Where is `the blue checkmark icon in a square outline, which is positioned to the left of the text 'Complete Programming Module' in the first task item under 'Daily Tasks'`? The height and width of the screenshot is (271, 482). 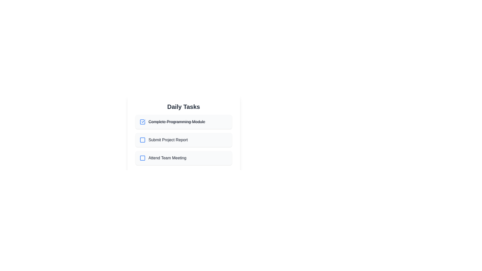
the blue checkmark icon in a square outline, which is positioned to the left of the text 'Complete Programming Module' in the first task item under 'Daily Tasks' is located at coordinates (142, 122).